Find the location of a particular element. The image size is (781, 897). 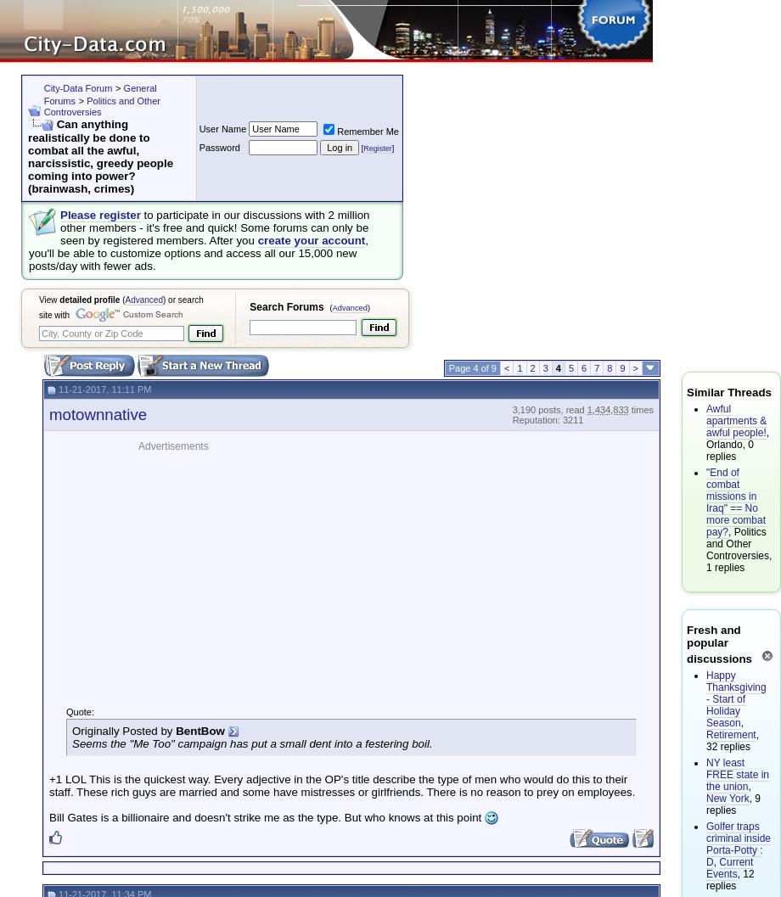

'Search Forums' is located at coordinates (286, 307).